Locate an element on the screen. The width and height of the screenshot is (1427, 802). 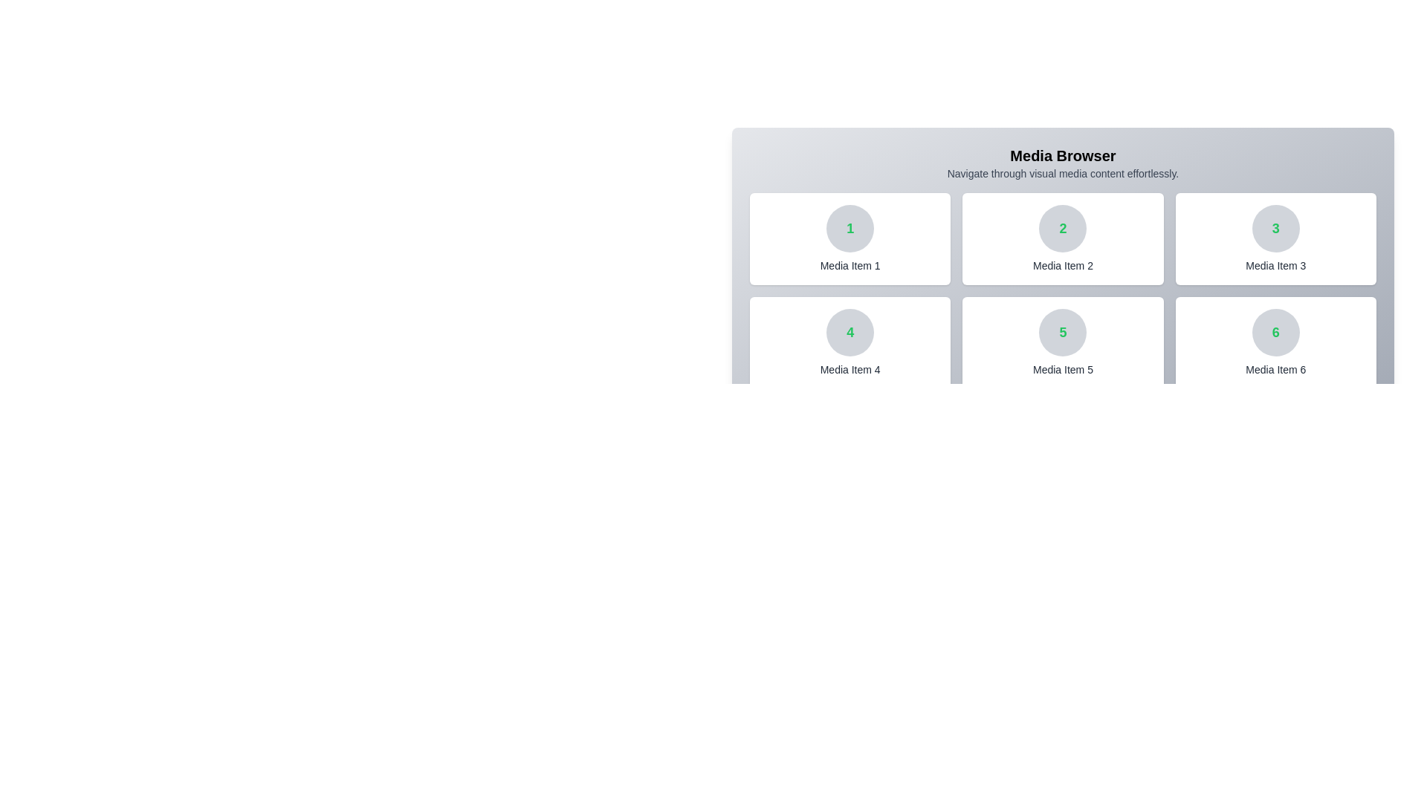
static text that says 'Navigate through visual media content effortlessly.' located directly below the 'Media Browser' title is located at coordinates (1062, 173).